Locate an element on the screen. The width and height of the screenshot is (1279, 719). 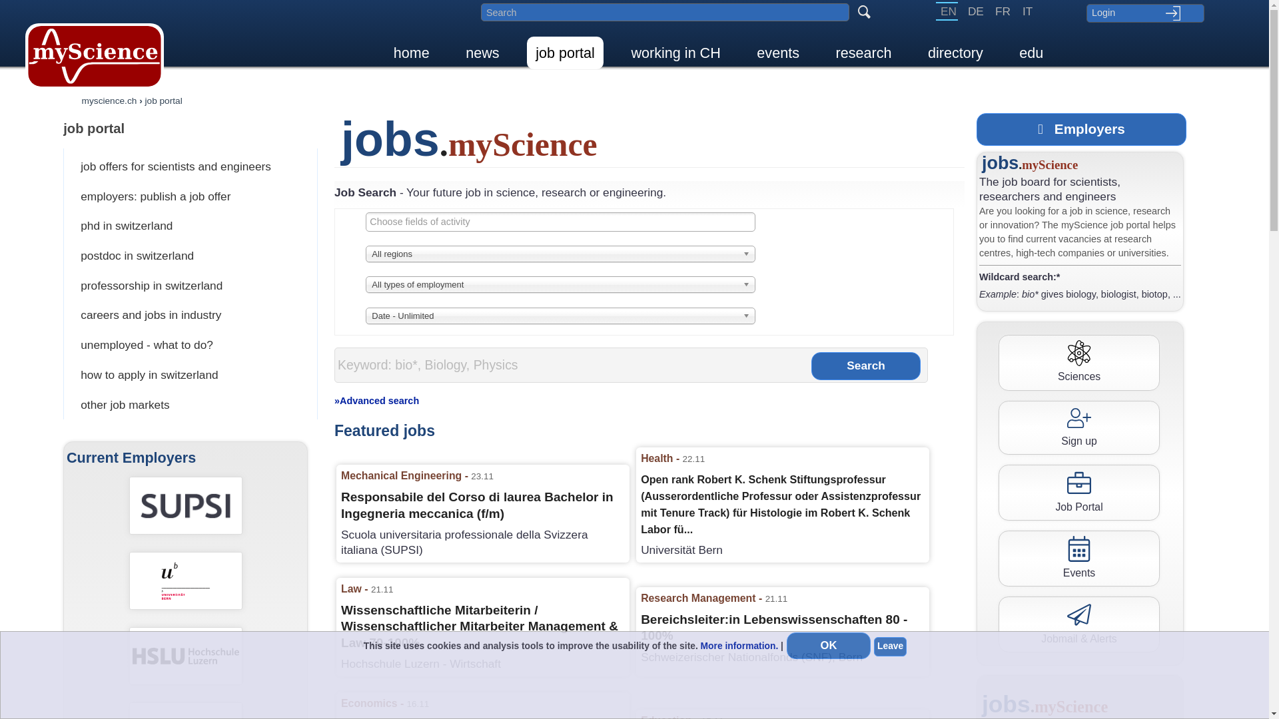
'More information.' is located at coordinates (699, 644).